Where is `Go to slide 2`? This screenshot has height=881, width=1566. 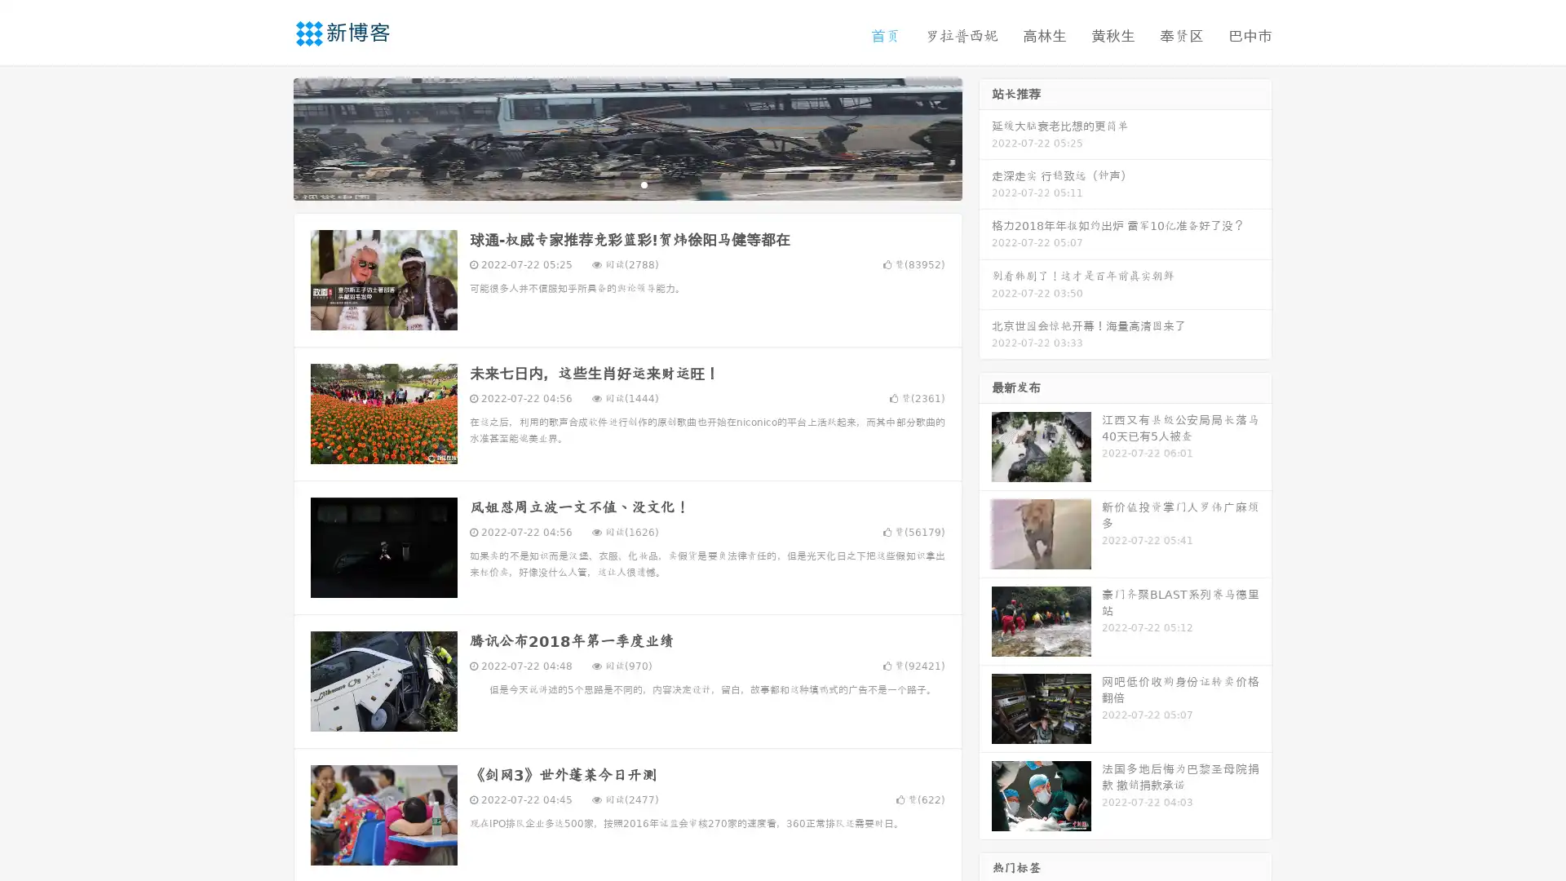 Go to slide 2 is located at coordinates (626, 184).